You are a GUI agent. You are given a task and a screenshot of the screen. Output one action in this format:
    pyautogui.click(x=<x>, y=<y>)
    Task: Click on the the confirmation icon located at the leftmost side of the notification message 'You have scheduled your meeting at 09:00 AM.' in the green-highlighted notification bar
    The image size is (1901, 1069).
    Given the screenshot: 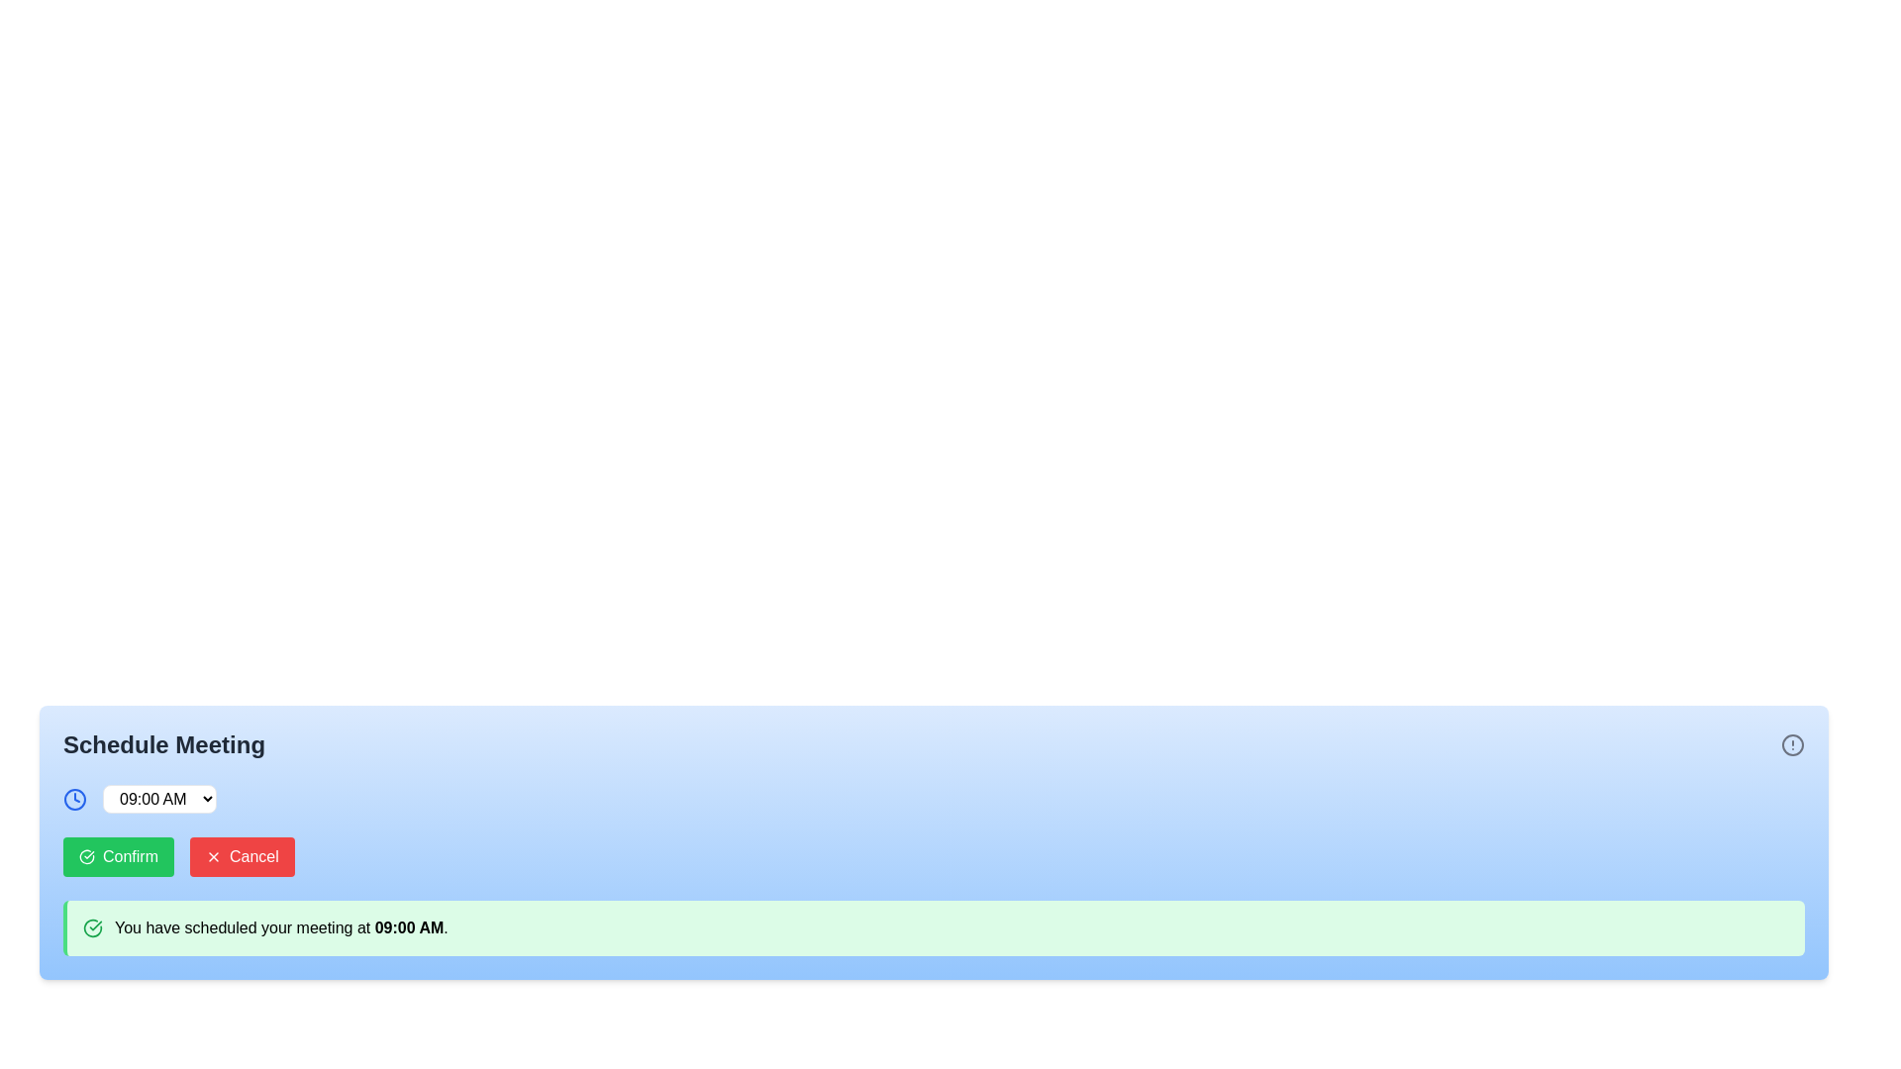 What is the action you would take?
    pyautogui.click(x=92, y=927)
    